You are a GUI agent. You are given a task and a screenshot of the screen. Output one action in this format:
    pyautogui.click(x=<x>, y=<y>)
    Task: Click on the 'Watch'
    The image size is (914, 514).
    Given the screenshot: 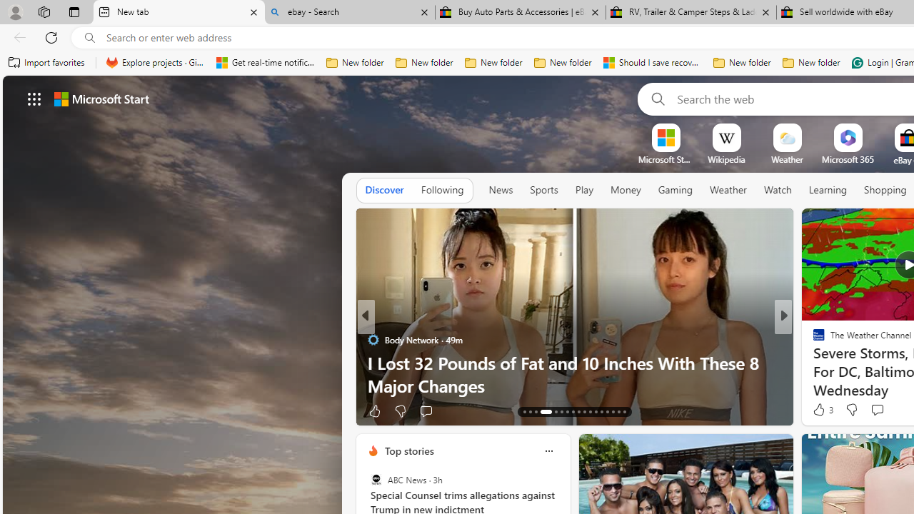 What is the action you would take?
    pyautogui.click(x=777, y=190)
    